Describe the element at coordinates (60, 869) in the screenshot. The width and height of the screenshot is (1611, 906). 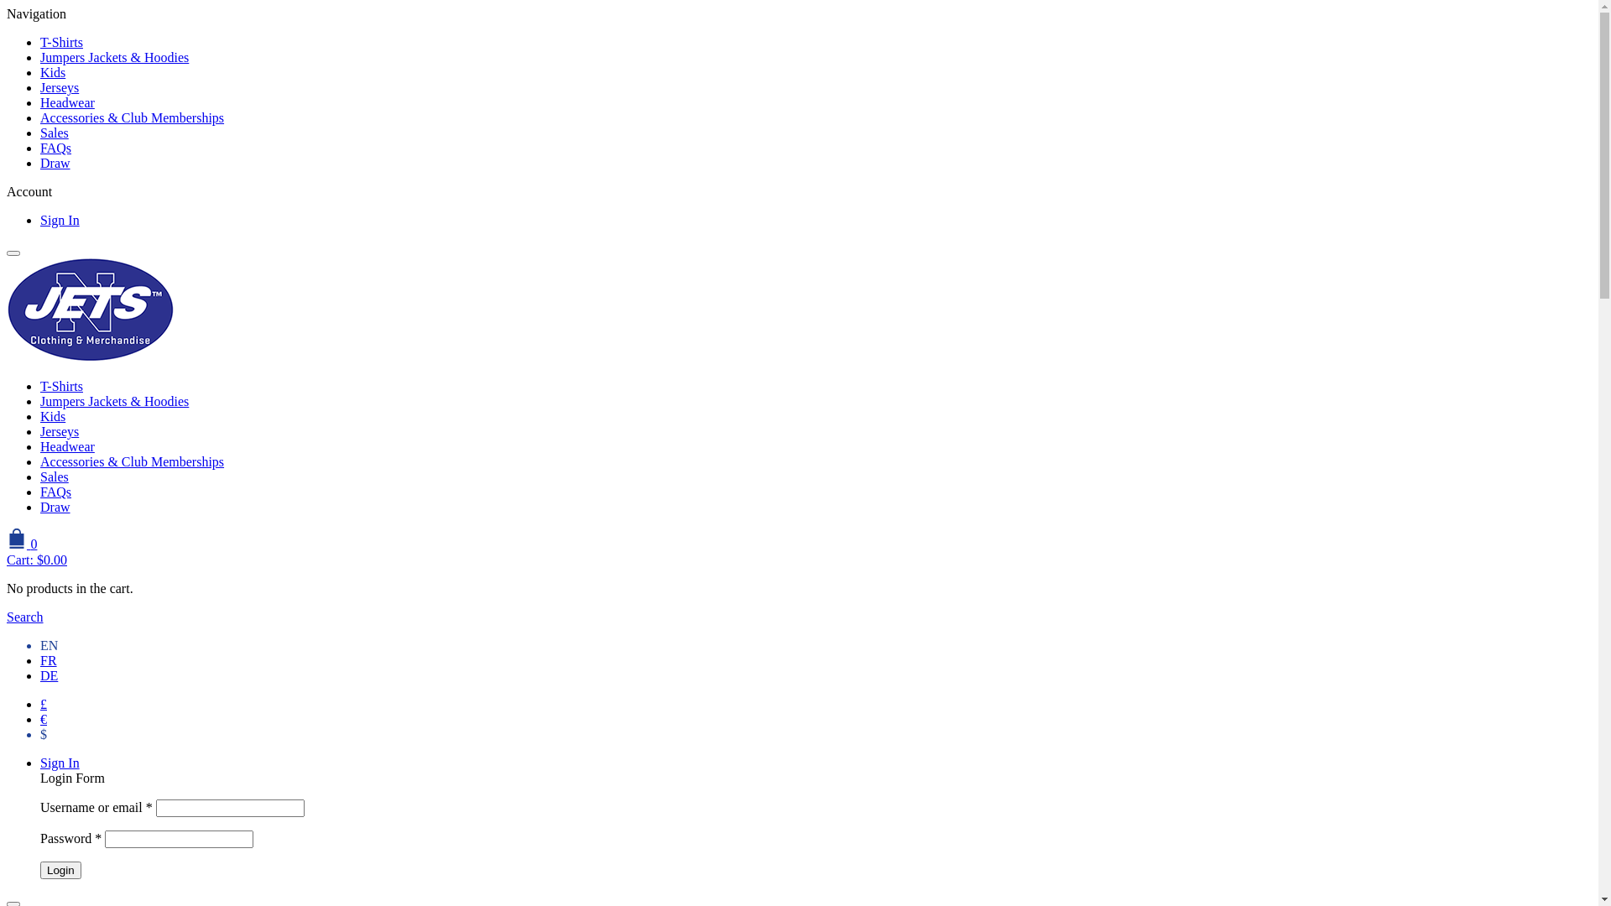
I see `'Login'` at that location.